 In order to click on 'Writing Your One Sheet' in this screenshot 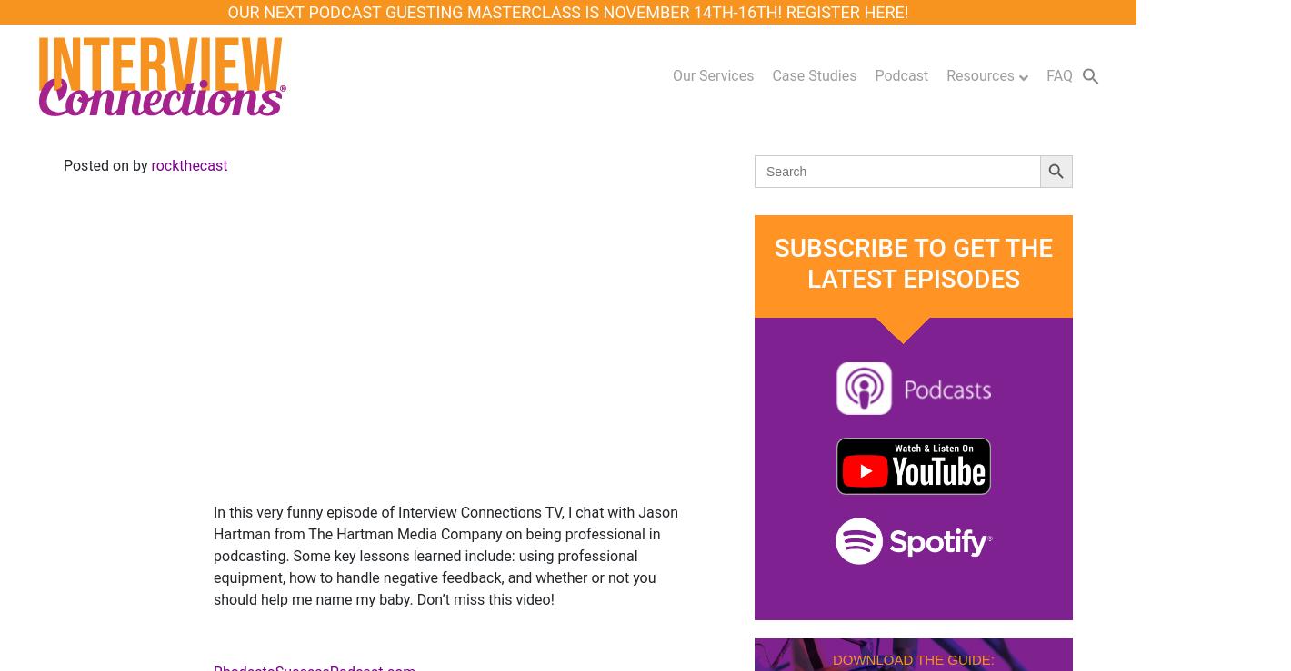, I will do `click(726, 188)`.